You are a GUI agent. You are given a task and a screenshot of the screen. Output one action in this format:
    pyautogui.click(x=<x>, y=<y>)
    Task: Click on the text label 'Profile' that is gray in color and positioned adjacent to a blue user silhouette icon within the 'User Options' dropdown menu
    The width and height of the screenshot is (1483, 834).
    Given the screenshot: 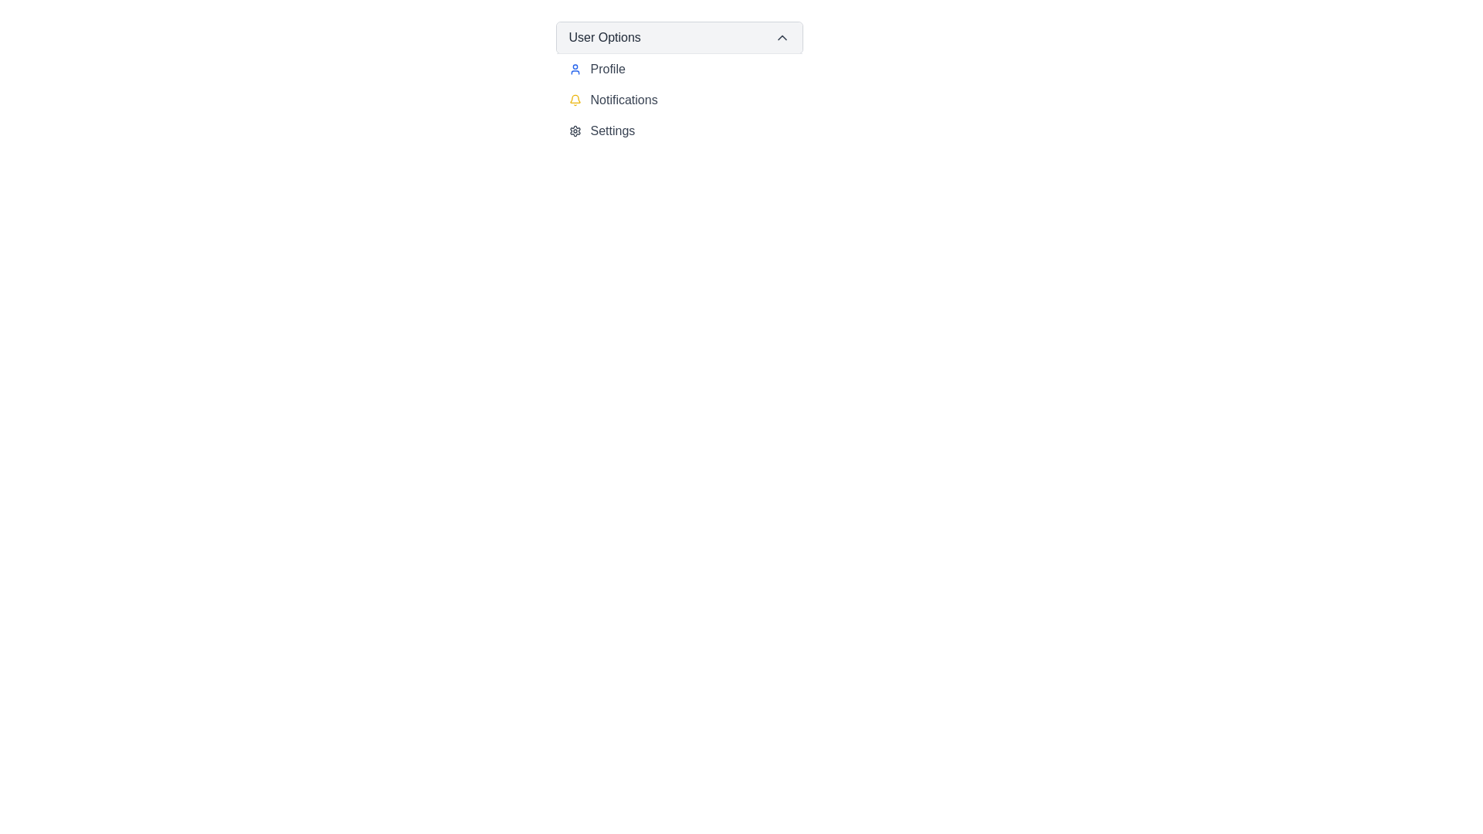 What is the action you would take?
    pyautogui.click(x=607, y=68)
    